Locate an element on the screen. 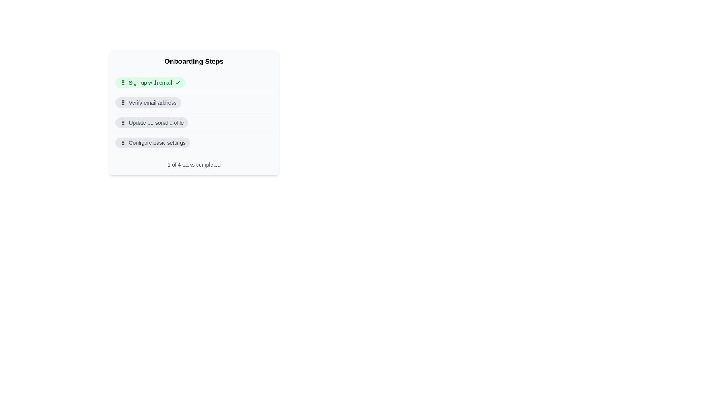  the handle element located is located at coordinates (123, 103).